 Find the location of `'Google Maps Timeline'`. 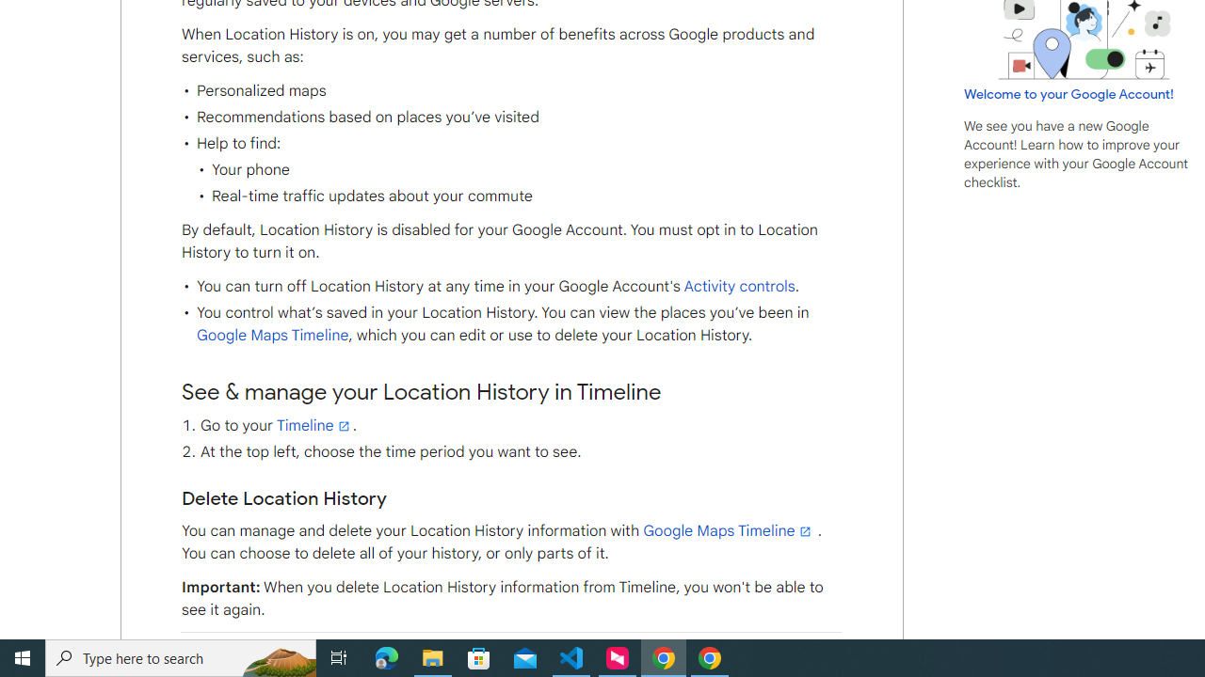

'Google Maps Timeline' is located at coordinates (728, 531).